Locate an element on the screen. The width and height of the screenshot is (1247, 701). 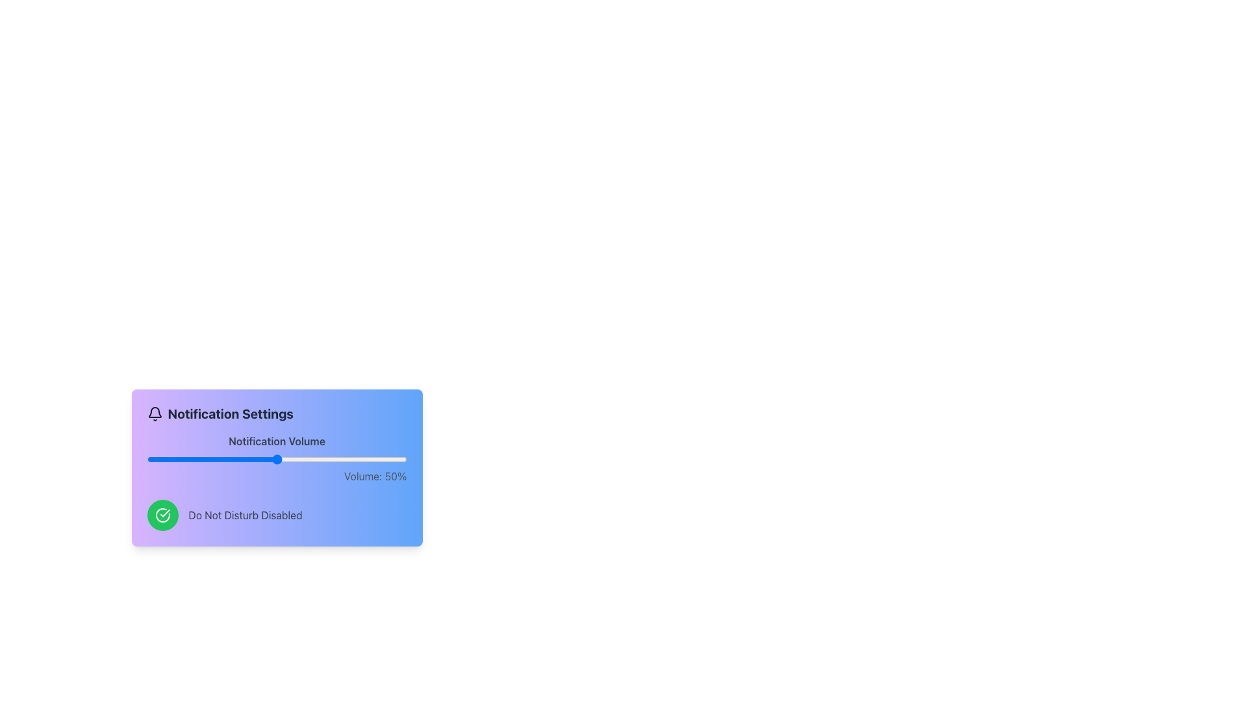
the small checkmark icon within the green circular graphic located at the bottom-left of the notification settings card, adjacent to 'Do Not Disturb Disabled', to interact with it and potentially toggle the setting is located at coordinates (164, 512).